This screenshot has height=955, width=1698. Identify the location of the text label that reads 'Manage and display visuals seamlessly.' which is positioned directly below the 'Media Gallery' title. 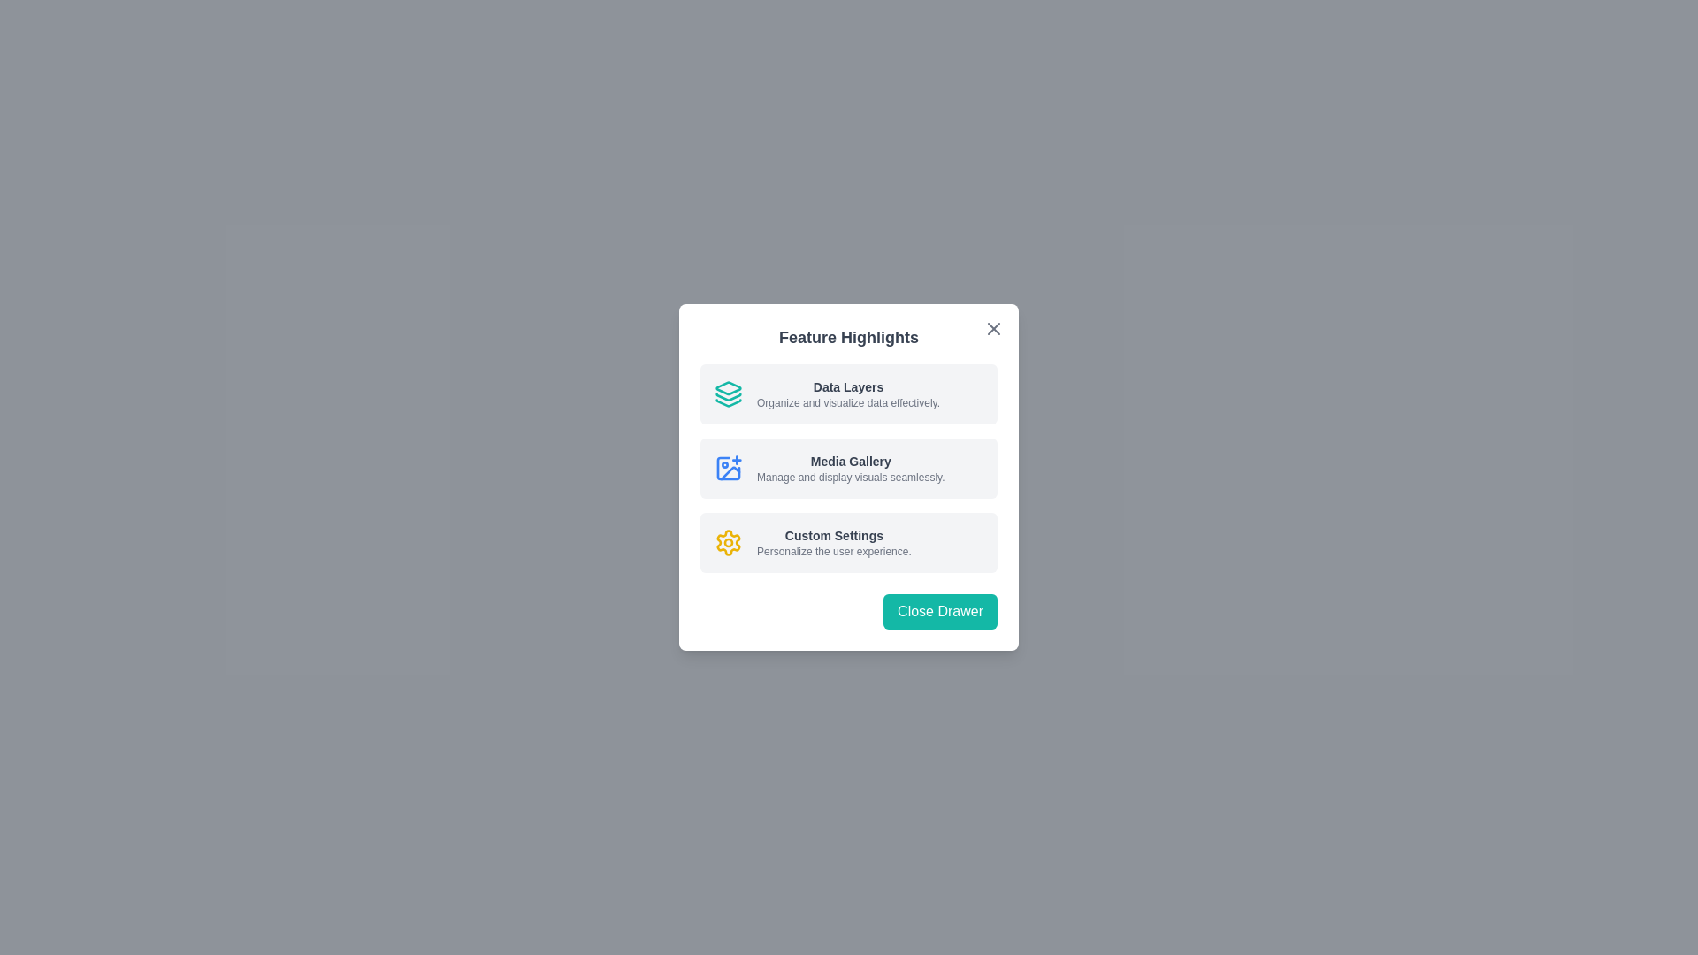
(851, 477).